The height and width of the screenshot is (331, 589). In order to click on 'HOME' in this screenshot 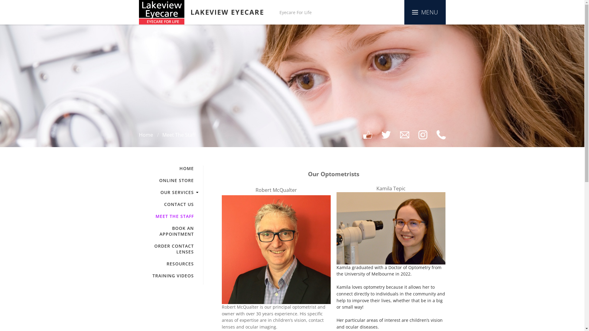, I will do `click(166, 168)`.